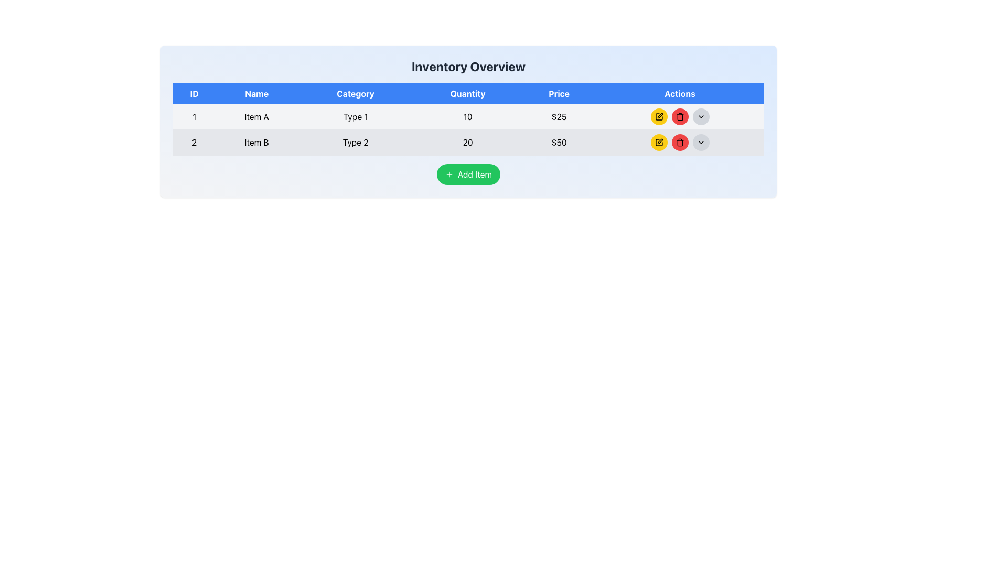 The image size is (1007, 566). What do you see at coordinates (658, 143) in the screenshot?
I see `the 'Edit' action button in the 'Actions' column of the second row in the 'Inventory Overview' table to observe the hover effect` at bounding box center [658, 143].